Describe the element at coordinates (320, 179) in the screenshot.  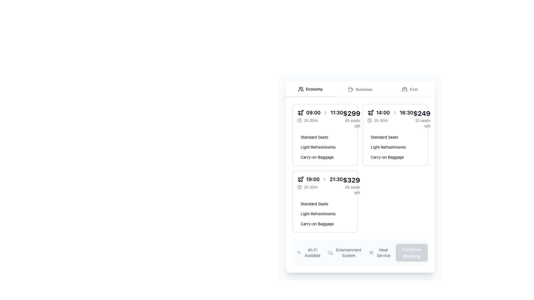
I see `the Text Label with Icon displaying departure (19:00) and arrival (21:30) times for a flight, located at the top-center of the flight information card` at that location.